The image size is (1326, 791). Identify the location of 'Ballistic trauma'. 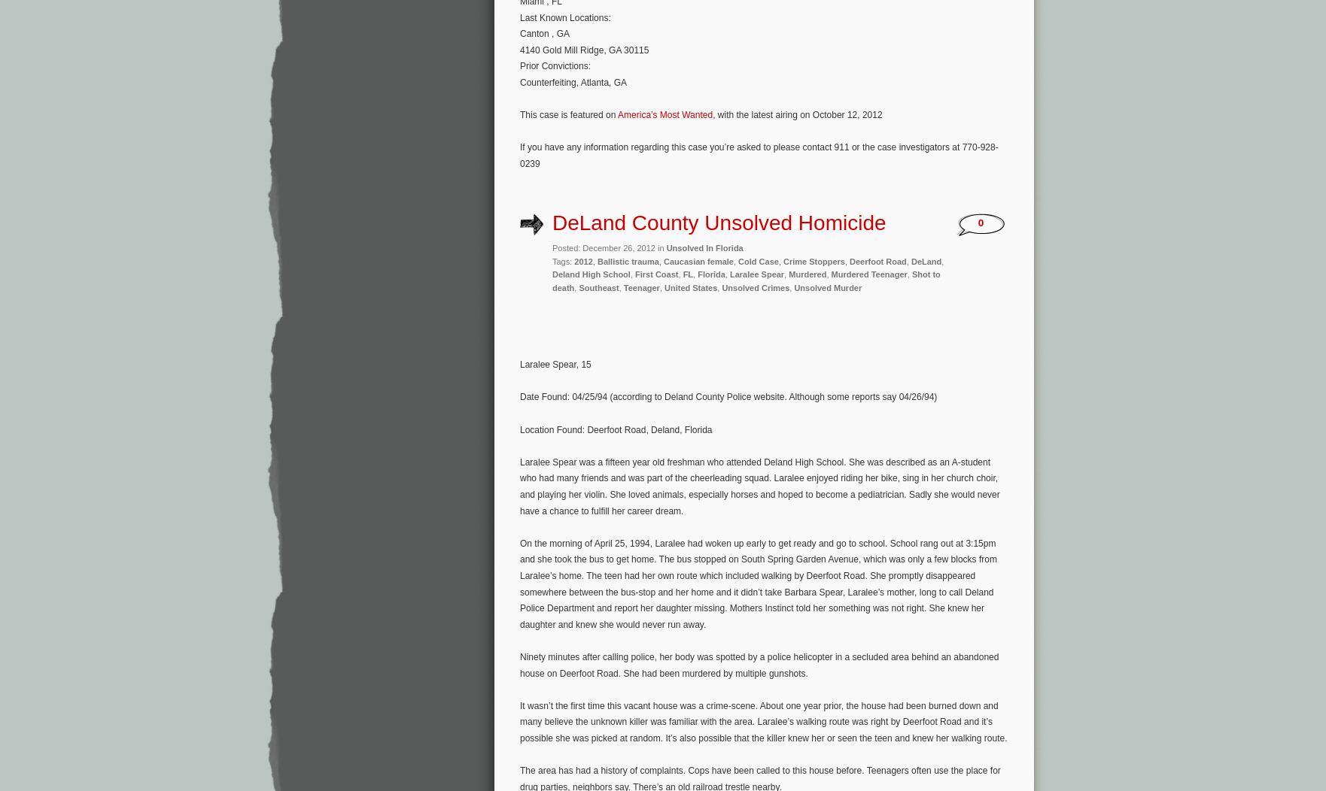
(626, 259).